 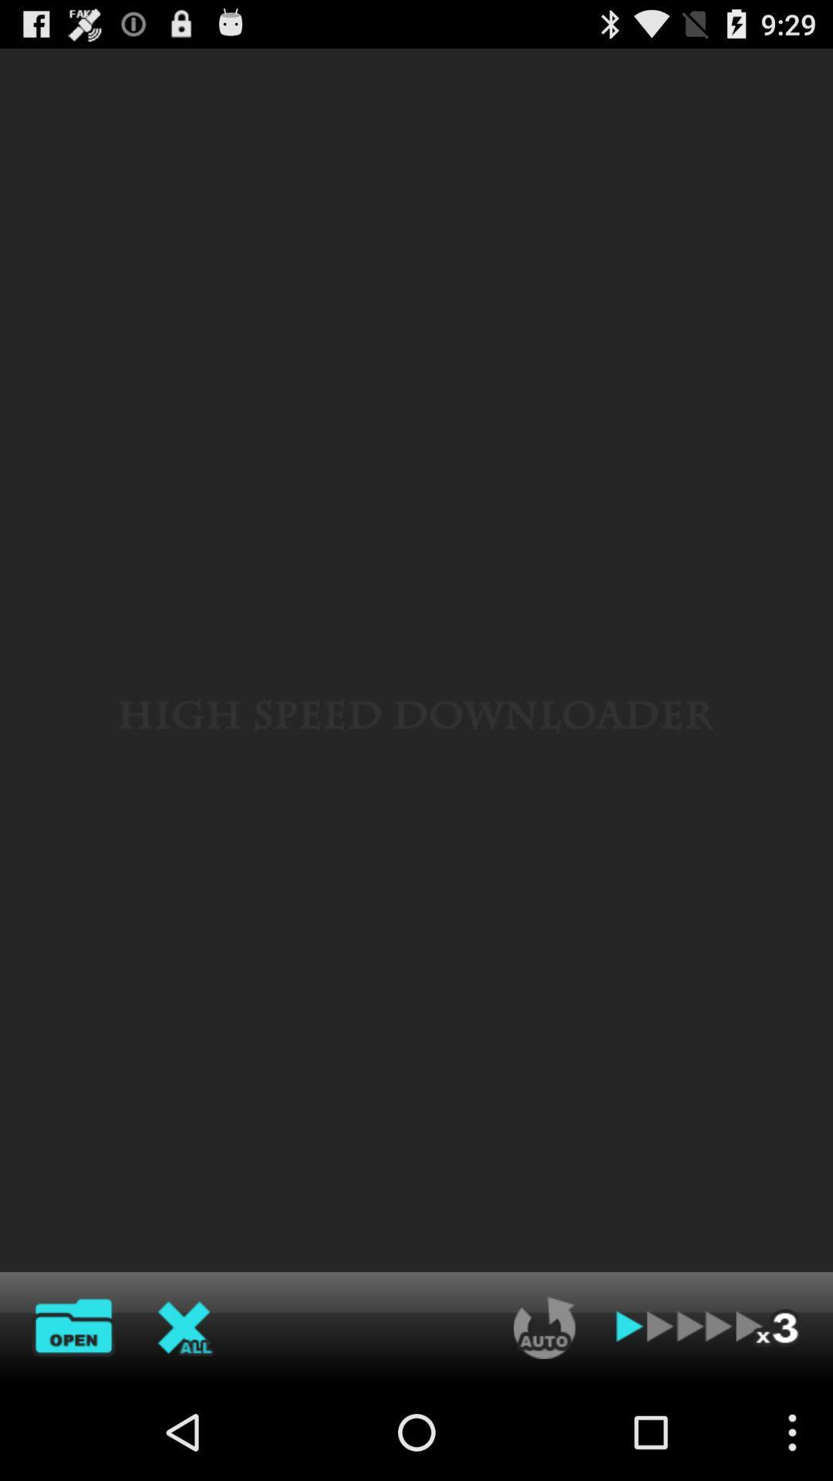 What do you see at coordinates (73, 1420) in the screenshot?
I see `the folder icon` at bounding box center [73, 1420].